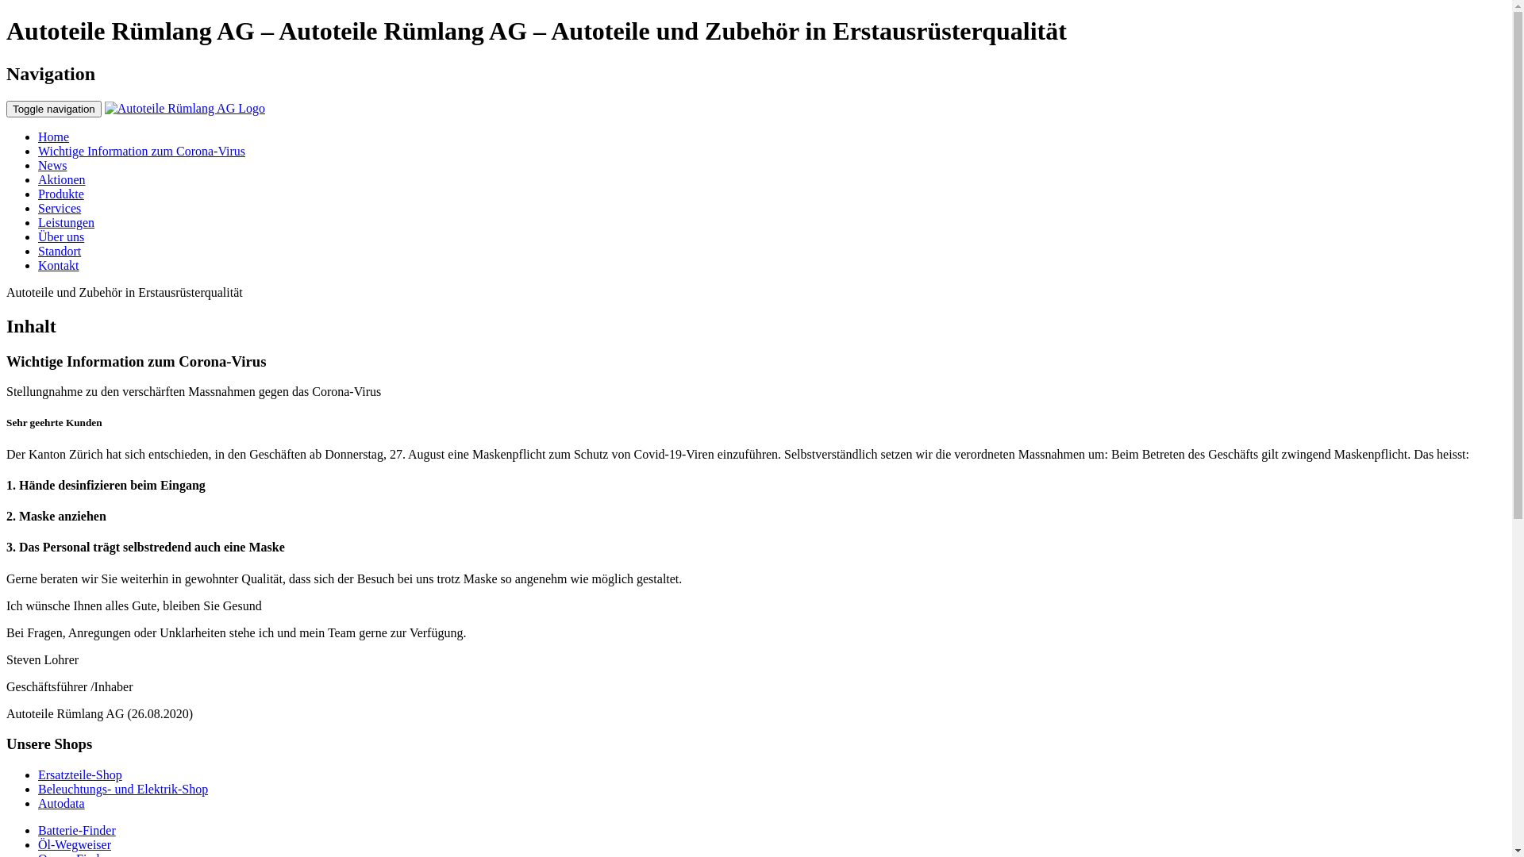 The image size is (1524, 857). I want to click on 'Leistungen', so click(65, 222).